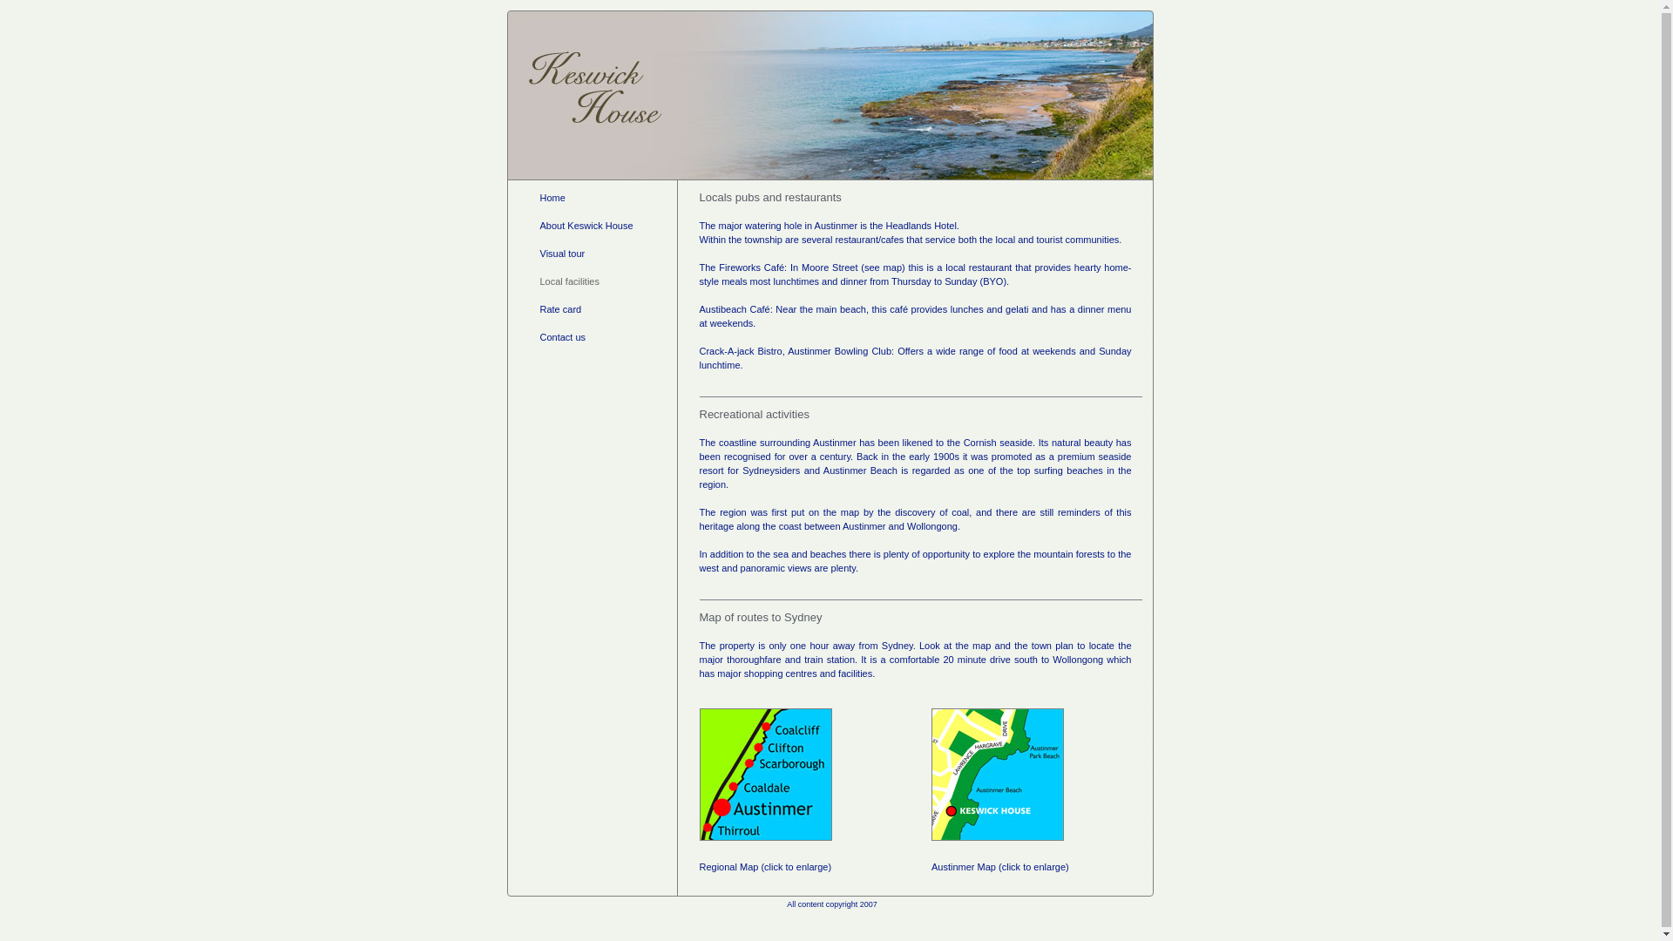 The image size is (1673, 941). What do you see at coordinates (538, 336) in the screenshot?
I see `'Contact us'` at bounding box center [538, 336].